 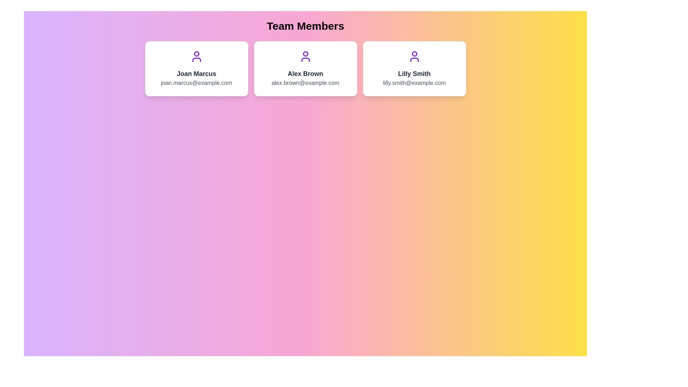 What do you see at coordinates (305, 56) in the screenshot?
I see `the user icon styled in a purple hue, which represents a general user profile image, located centrally within the card labeled 'Alex Brown'` at bounding box center [305, 56].